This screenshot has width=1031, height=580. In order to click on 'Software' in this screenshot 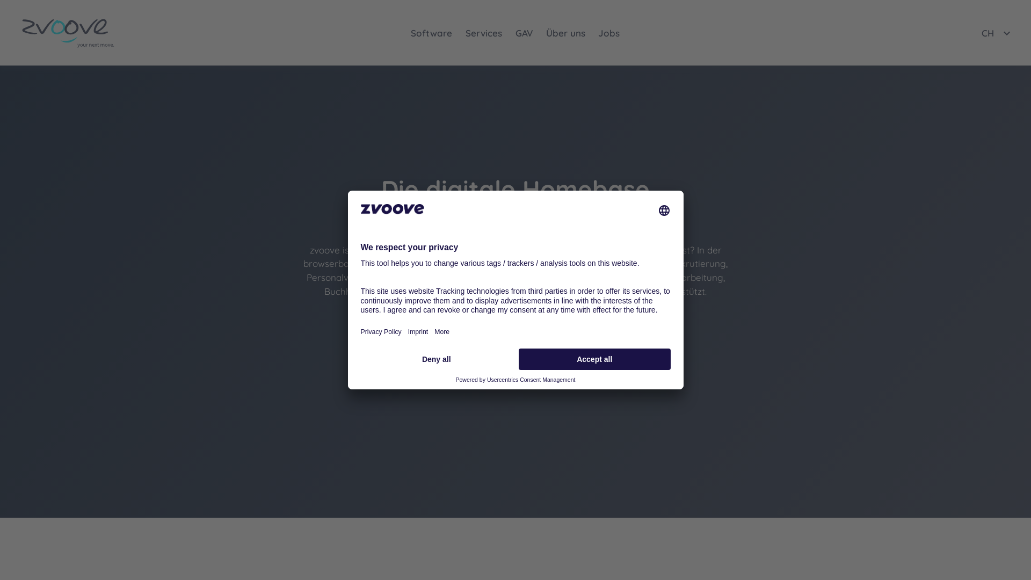, I will do `click(432, 32)`.